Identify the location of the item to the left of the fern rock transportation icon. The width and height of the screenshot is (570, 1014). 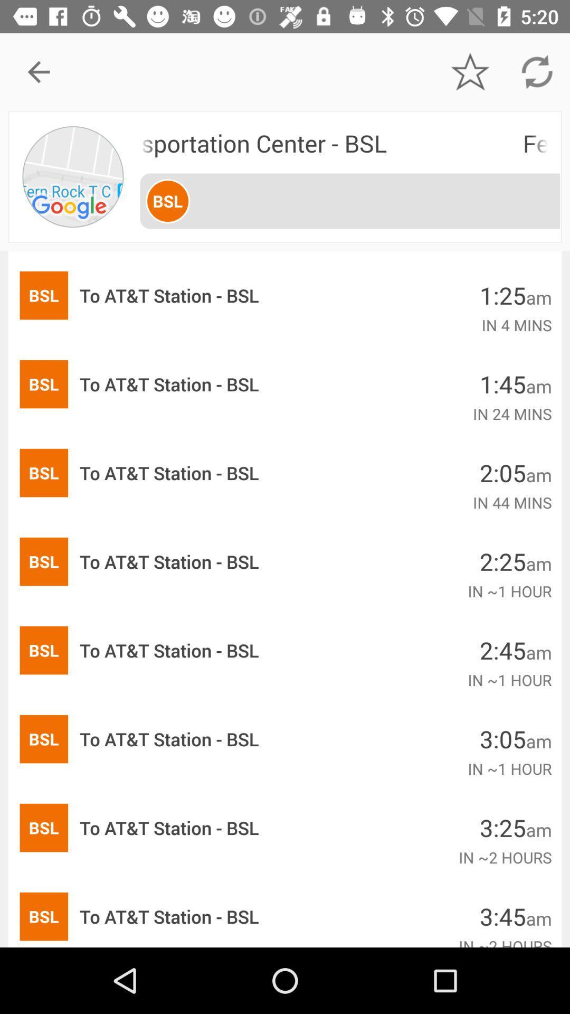
(72, 176).